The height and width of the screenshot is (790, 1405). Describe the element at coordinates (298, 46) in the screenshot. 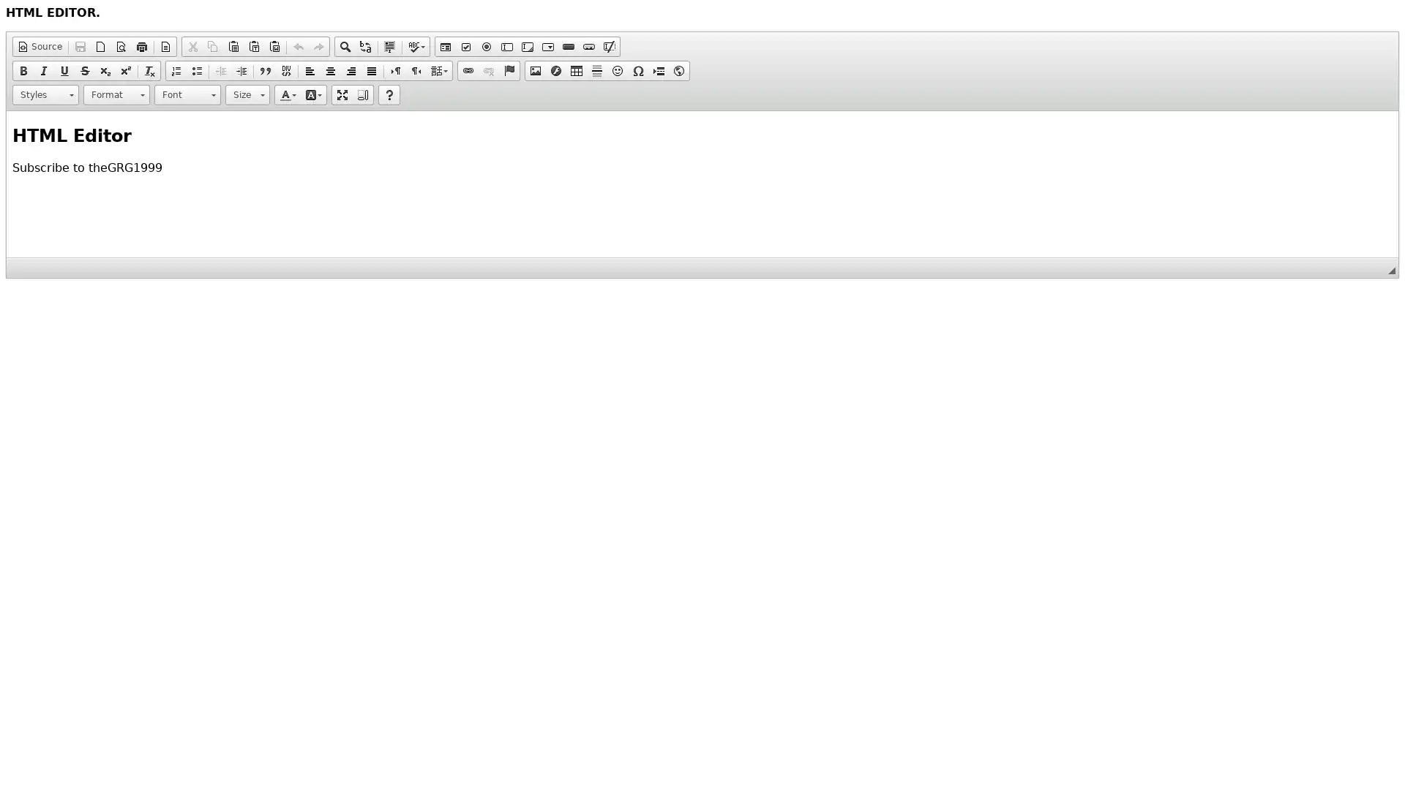

I see `Undo` at that location.